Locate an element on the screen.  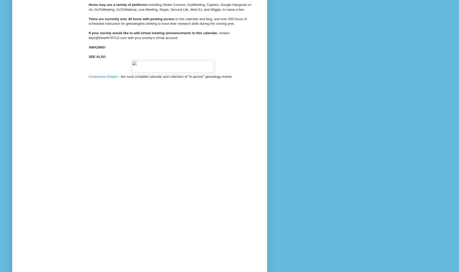
'AMAZING!' is located at coordinates (88, 47).